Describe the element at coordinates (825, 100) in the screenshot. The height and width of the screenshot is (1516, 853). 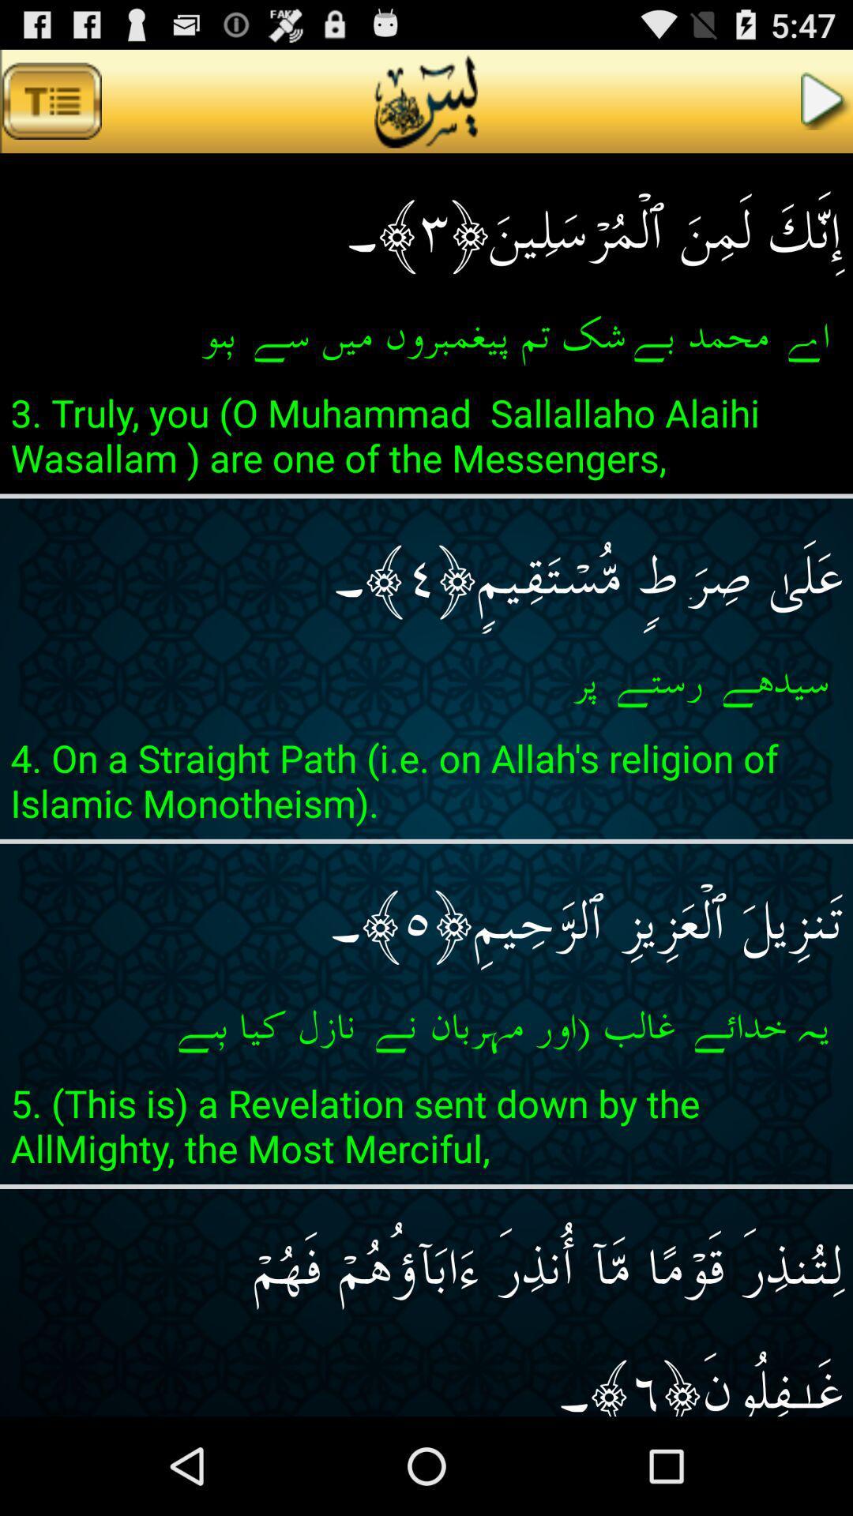
I see `button at the top right corner` at that location.